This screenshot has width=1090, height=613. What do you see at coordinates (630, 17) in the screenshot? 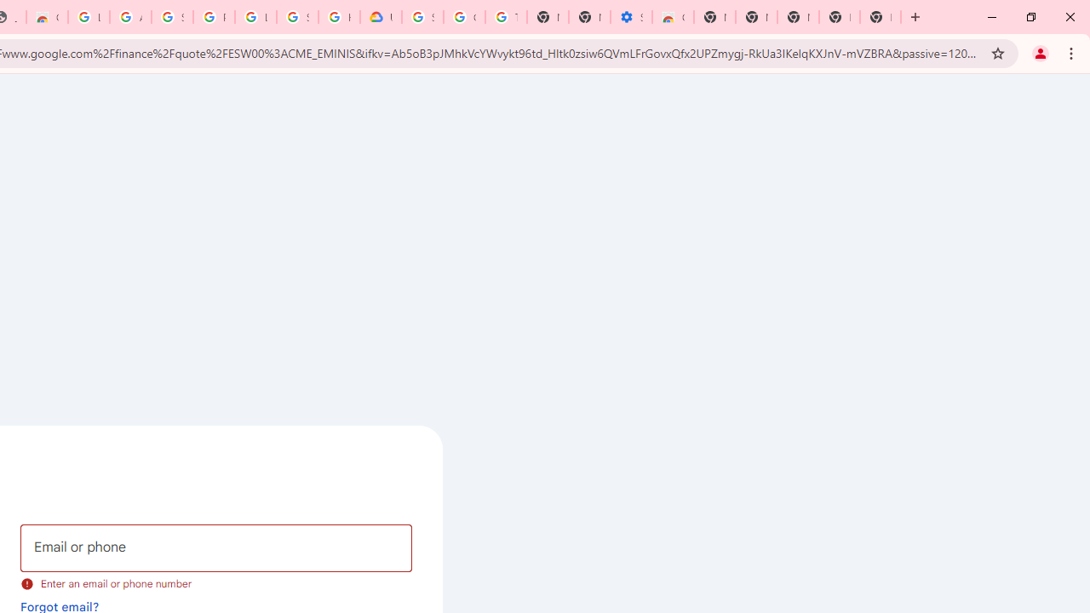
I see `'Settings - Accessibility'` at bounding box center [630, 17].